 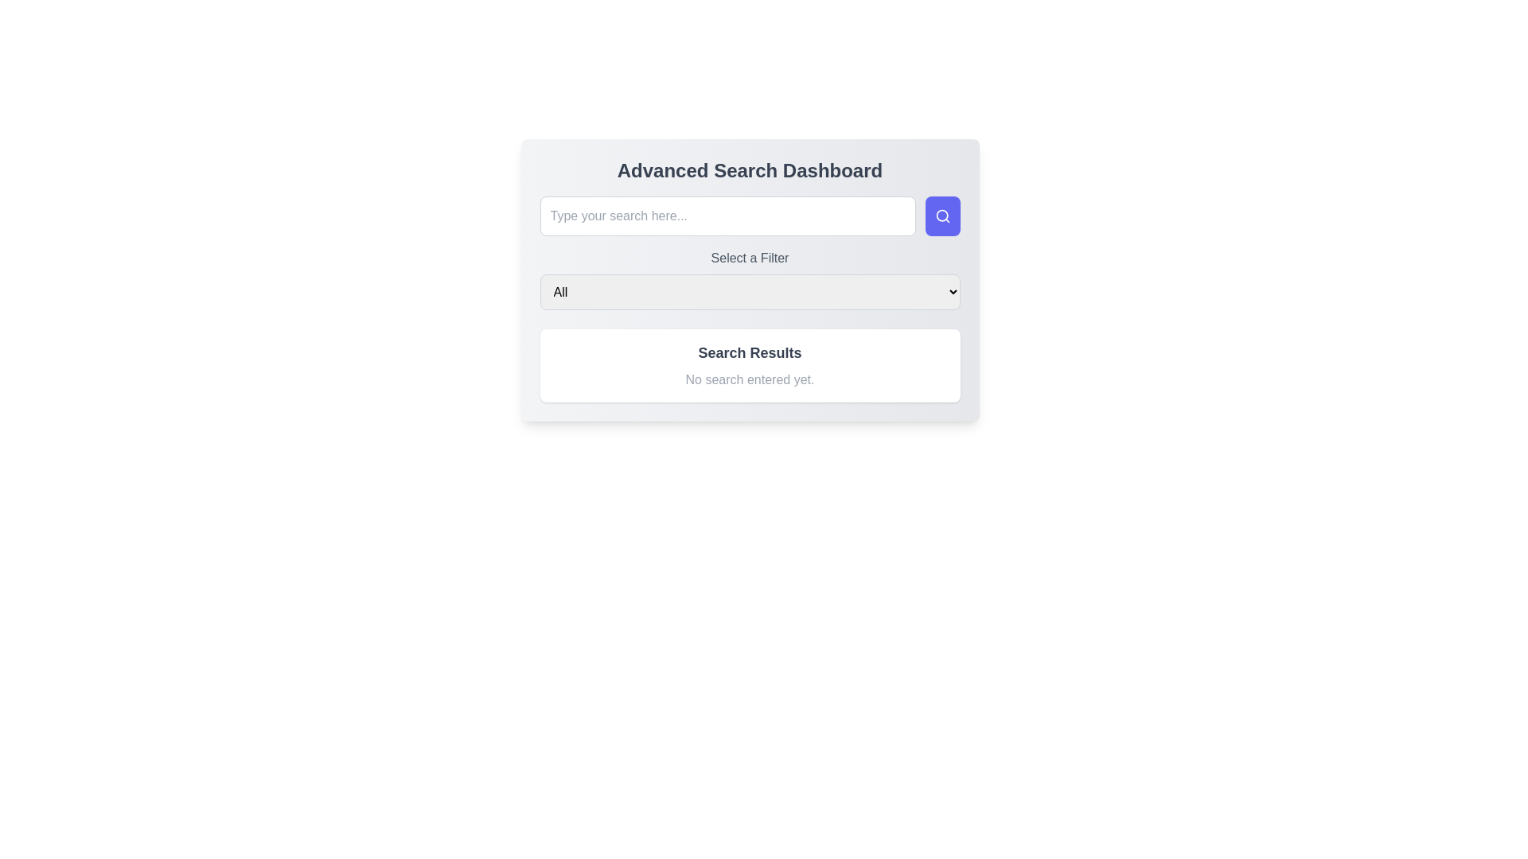 What do you see at coordinates (942, 216) in the screenshot?
I see `the search icon, which is a white magnifying glass on a blue circular background, located adjacent to the search input field labeled 'Type your search here...'` at bounding box center [942, 216].